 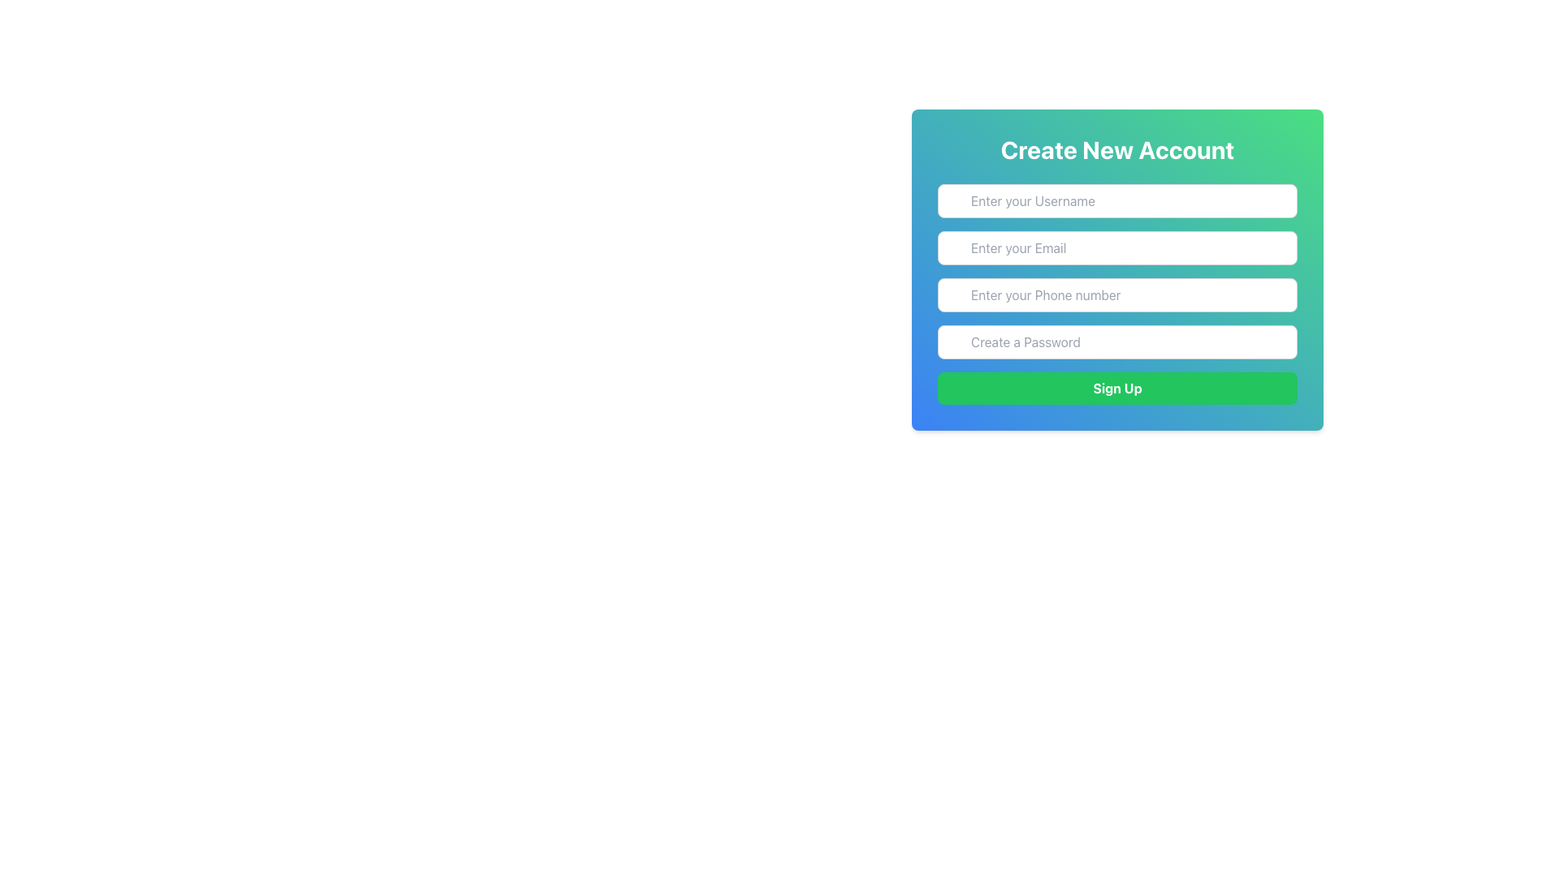 I want to click on the submission button located at the bottom of the form, directly underneath the password input field, so click(x=1116, y=388).